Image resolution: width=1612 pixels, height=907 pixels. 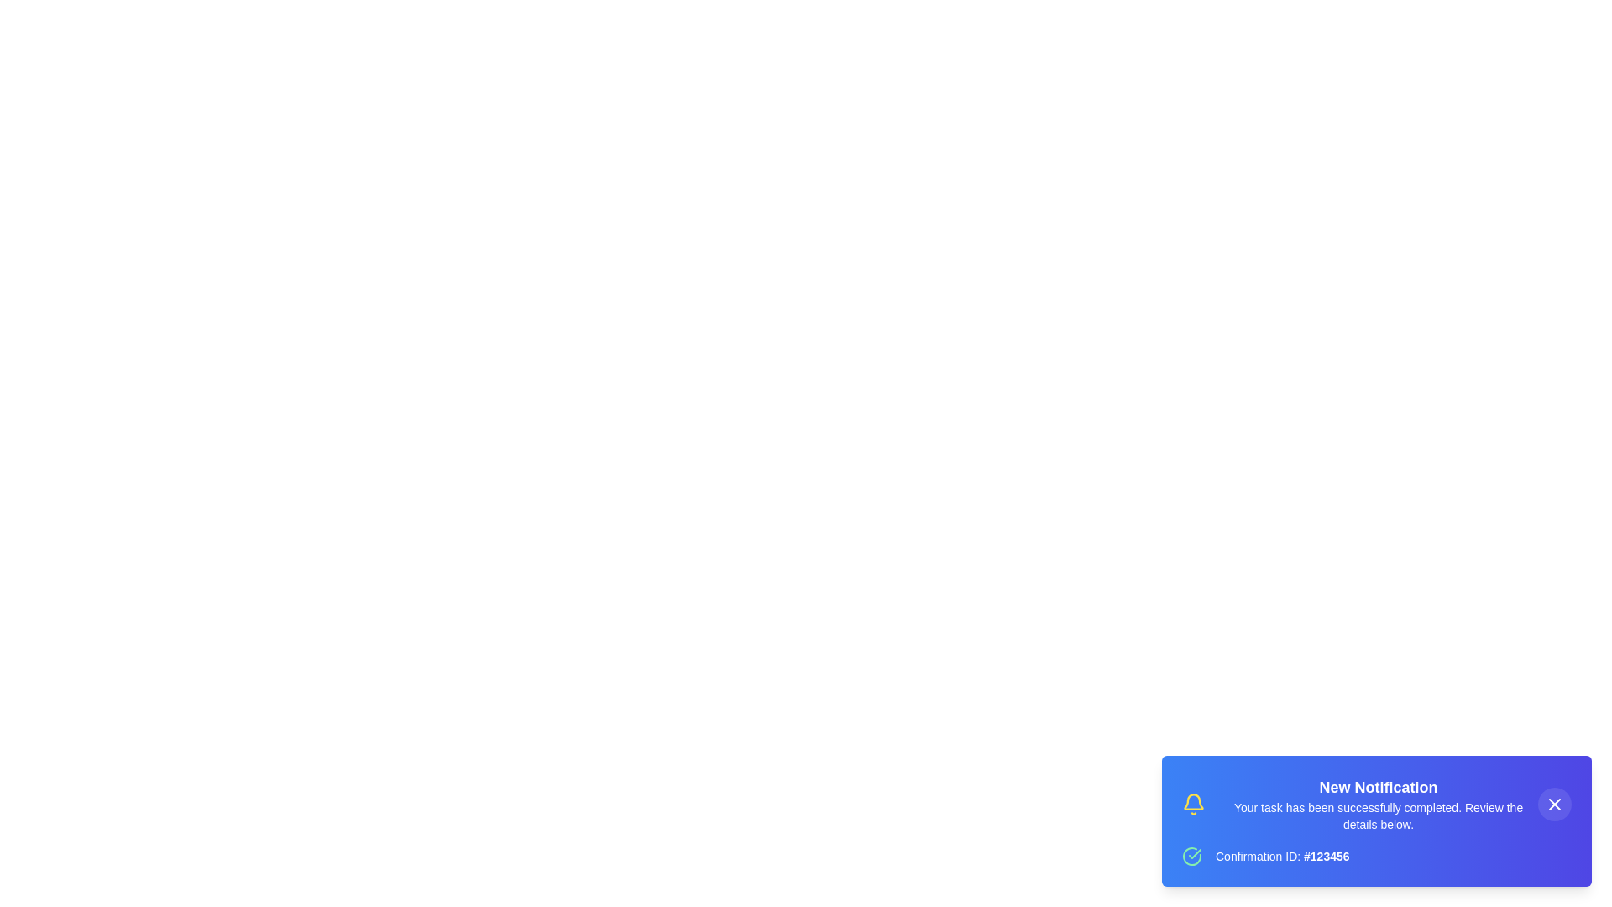 I want to click on the dismiss button located in the top-right corner of the notification card, which removes or hides the notification when interacted with, so click(x=1554, y=803).